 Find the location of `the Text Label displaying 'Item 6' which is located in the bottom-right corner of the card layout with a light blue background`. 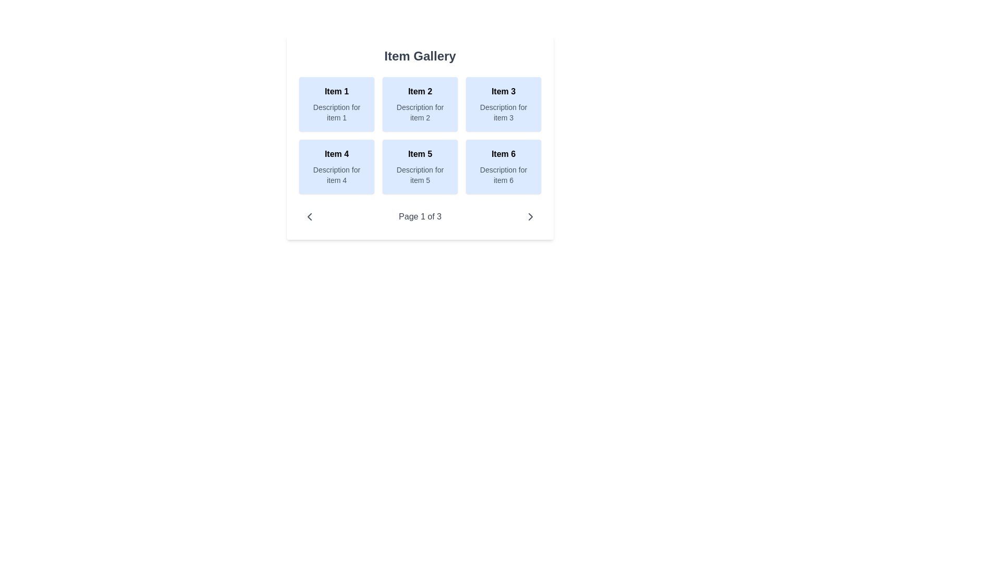

the Text Label displaying 'Item 6' which is located in the bottom-right corner of the card layout with a light blue background is located at coordinates (503, 154).